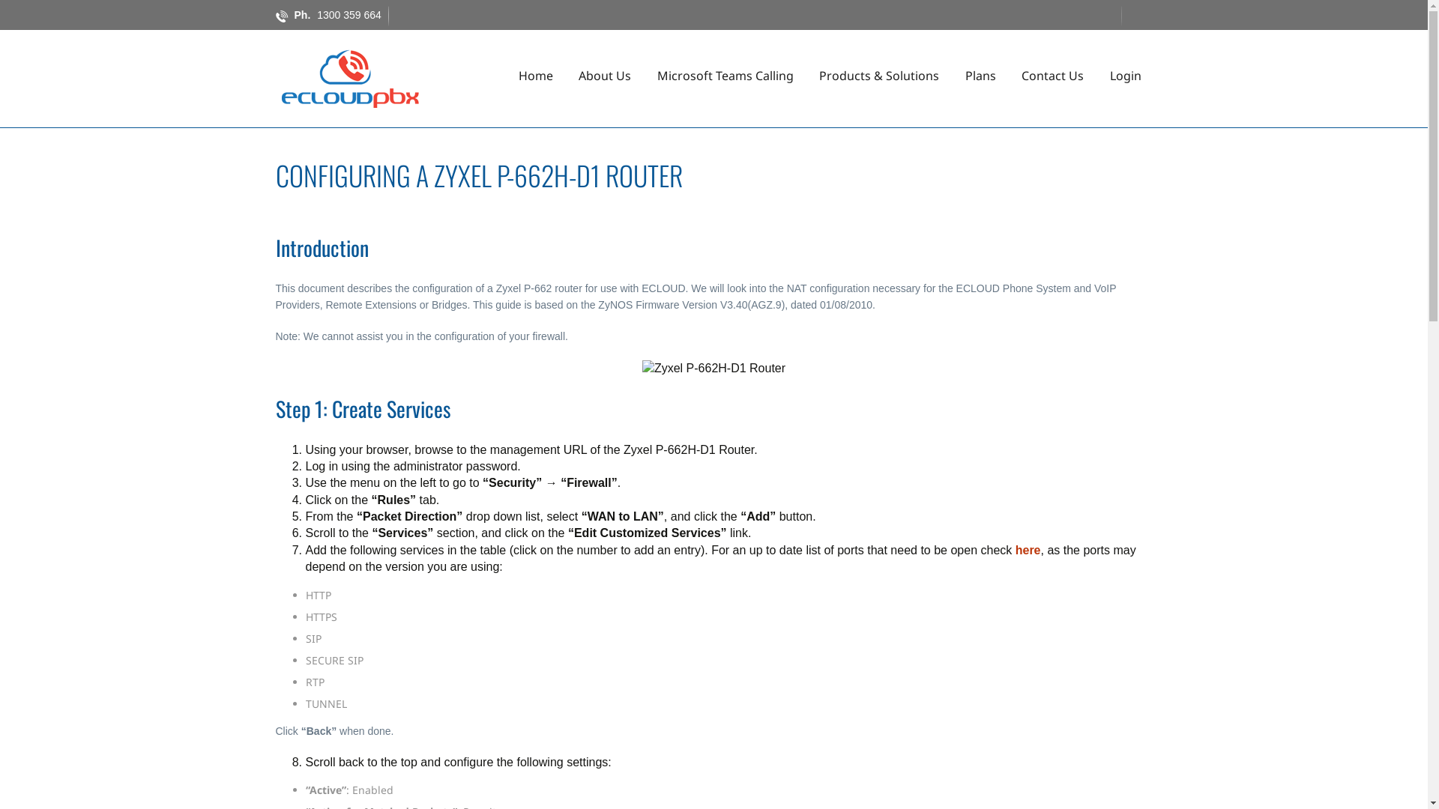 The image size is (1439, 809). Describe the element at coordinates (953, 75) in the screenshot. I see `'Plans'` at that location.